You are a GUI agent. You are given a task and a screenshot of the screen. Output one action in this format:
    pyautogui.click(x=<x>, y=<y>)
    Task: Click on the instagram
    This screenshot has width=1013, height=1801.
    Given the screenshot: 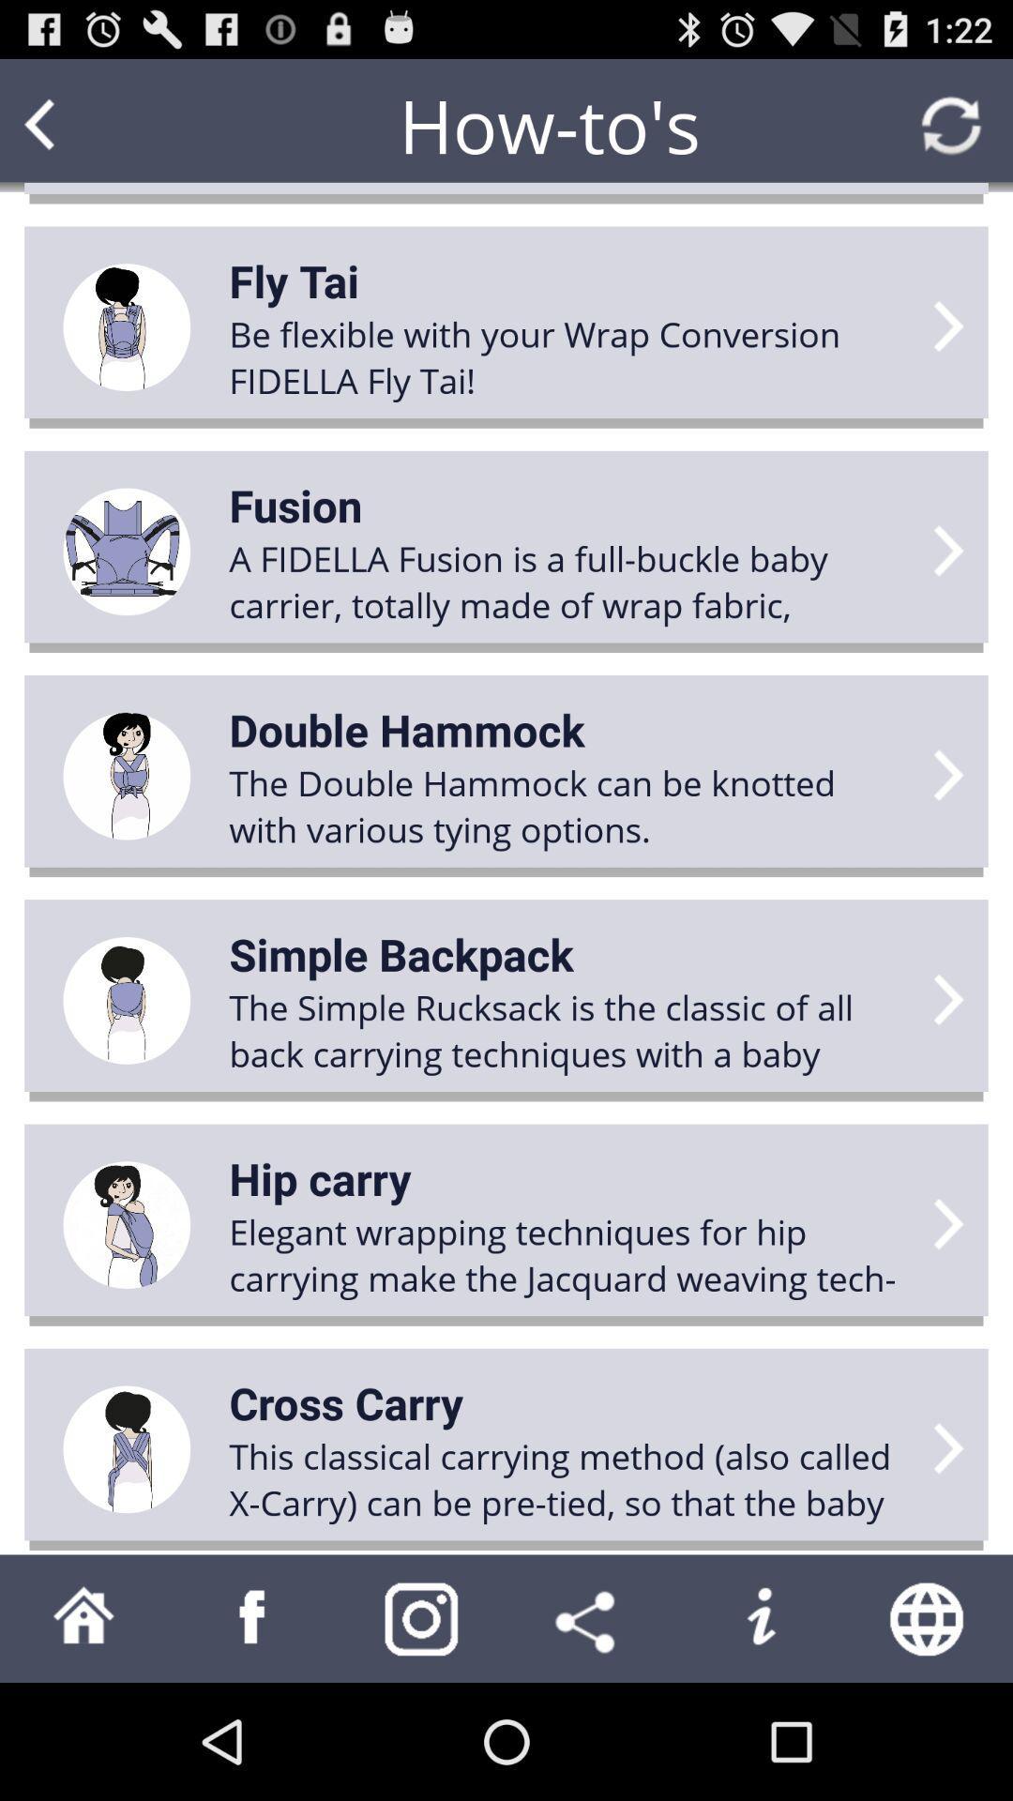 What is the action you would take?
    pyautogui.click(x=422, y=1617)
    